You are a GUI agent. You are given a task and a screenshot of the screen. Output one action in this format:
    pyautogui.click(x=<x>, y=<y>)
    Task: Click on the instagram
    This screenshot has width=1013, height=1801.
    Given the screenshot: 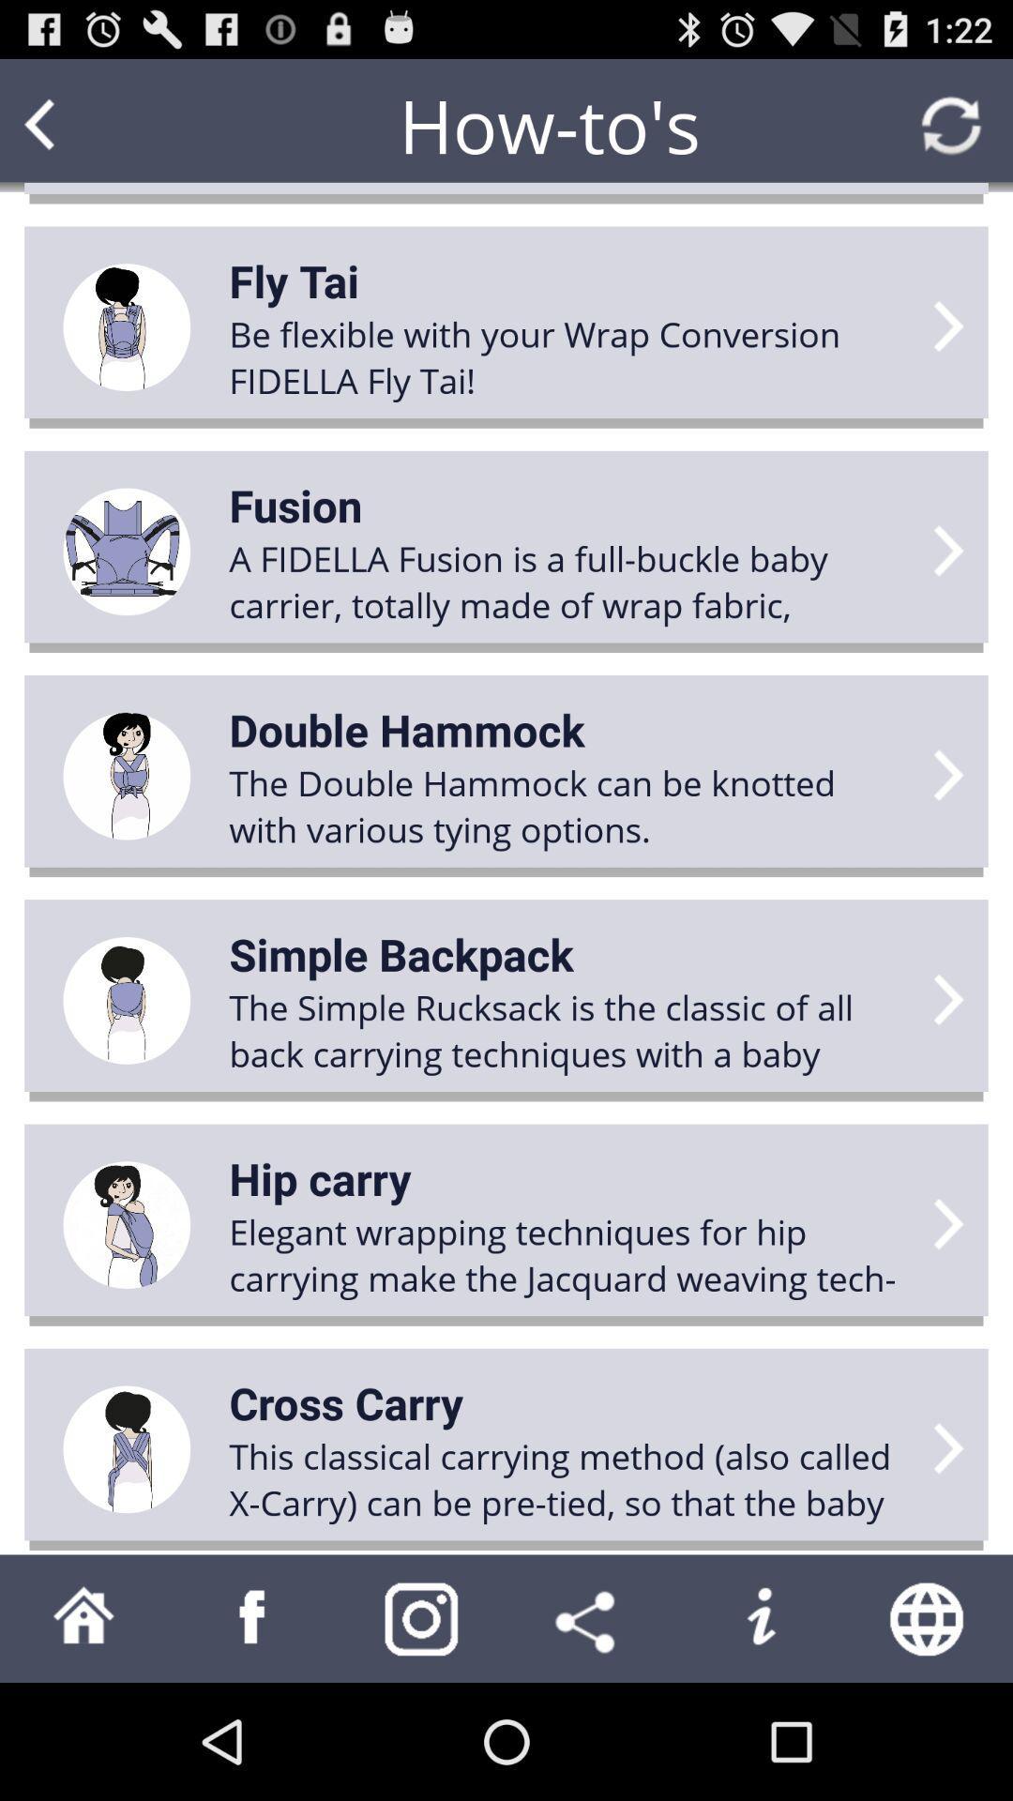 What is the action you would take?
    pyautogui.click(x=422, y=1617)
    